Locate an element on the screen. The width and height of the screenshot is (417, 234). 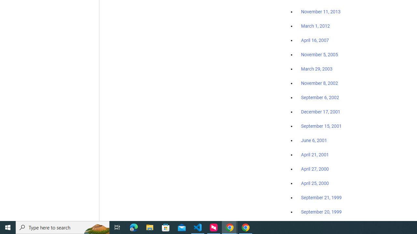
'April 25, 2000' is located at coordinates (315, 183).